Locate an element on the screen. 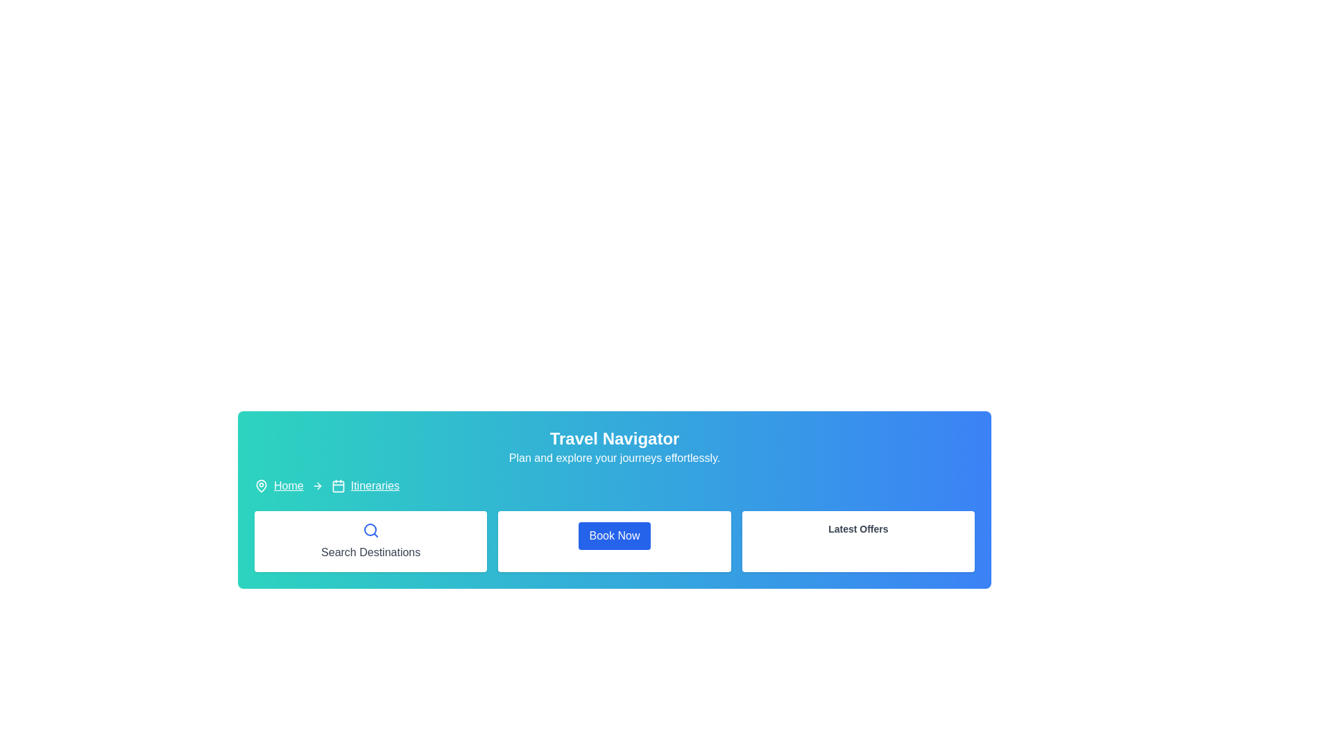 This screenshot has width=1332, height=749. the right-facing arrow SVG icon located in the breadcrumb navigation bar, positioned between the 'Home' and 'Itineraries' links is located at coordinates (316, 485).